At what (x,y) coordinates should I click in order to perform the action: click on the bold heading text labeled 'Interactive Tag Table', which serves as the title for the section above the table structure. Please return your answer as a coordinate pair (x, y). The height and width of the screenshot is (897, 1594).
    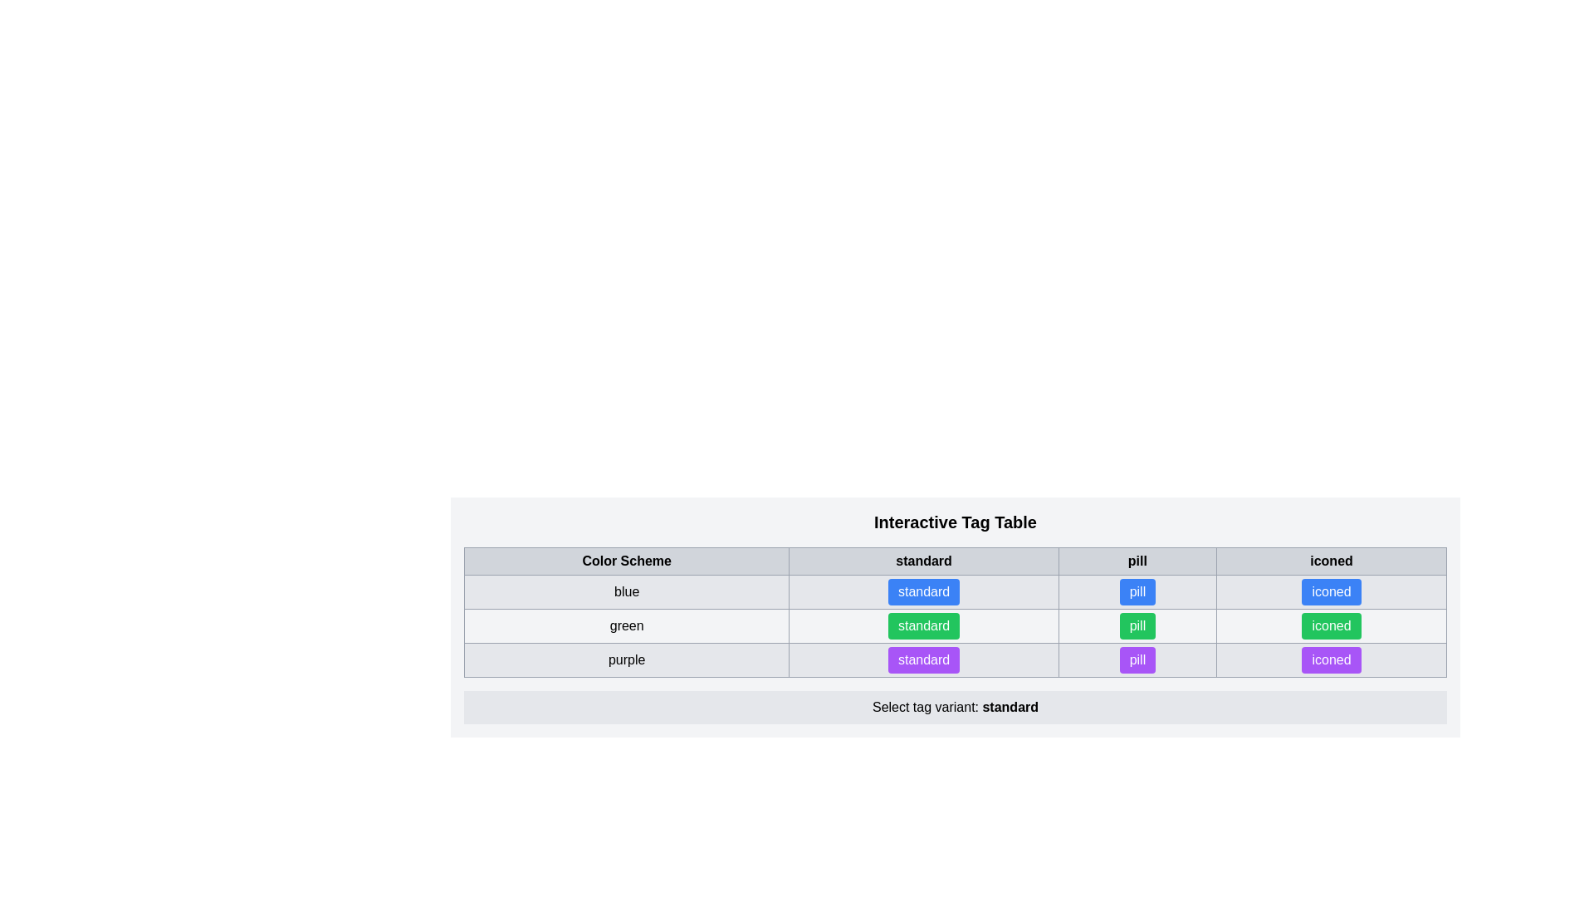
    Looking at the image, I should click on (956, 521).